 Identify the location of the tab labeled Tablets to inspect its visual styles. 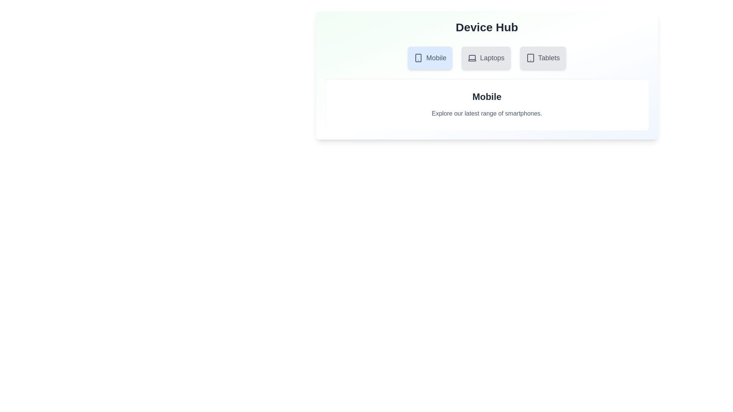
(542, 57).